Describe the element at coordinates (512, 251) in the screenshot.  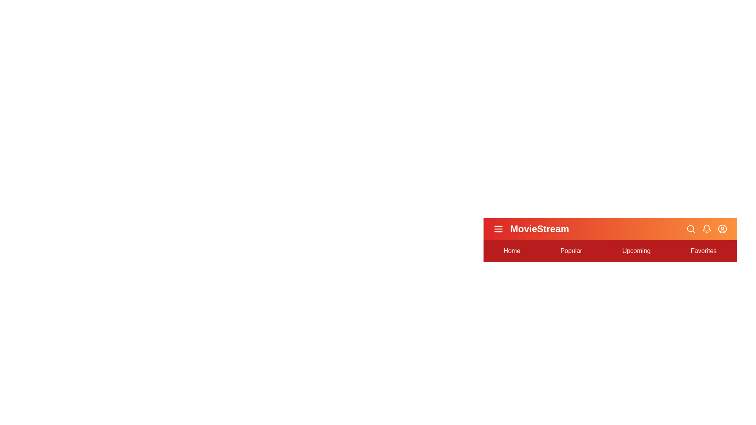
I see `the Home navigation option` at that location.